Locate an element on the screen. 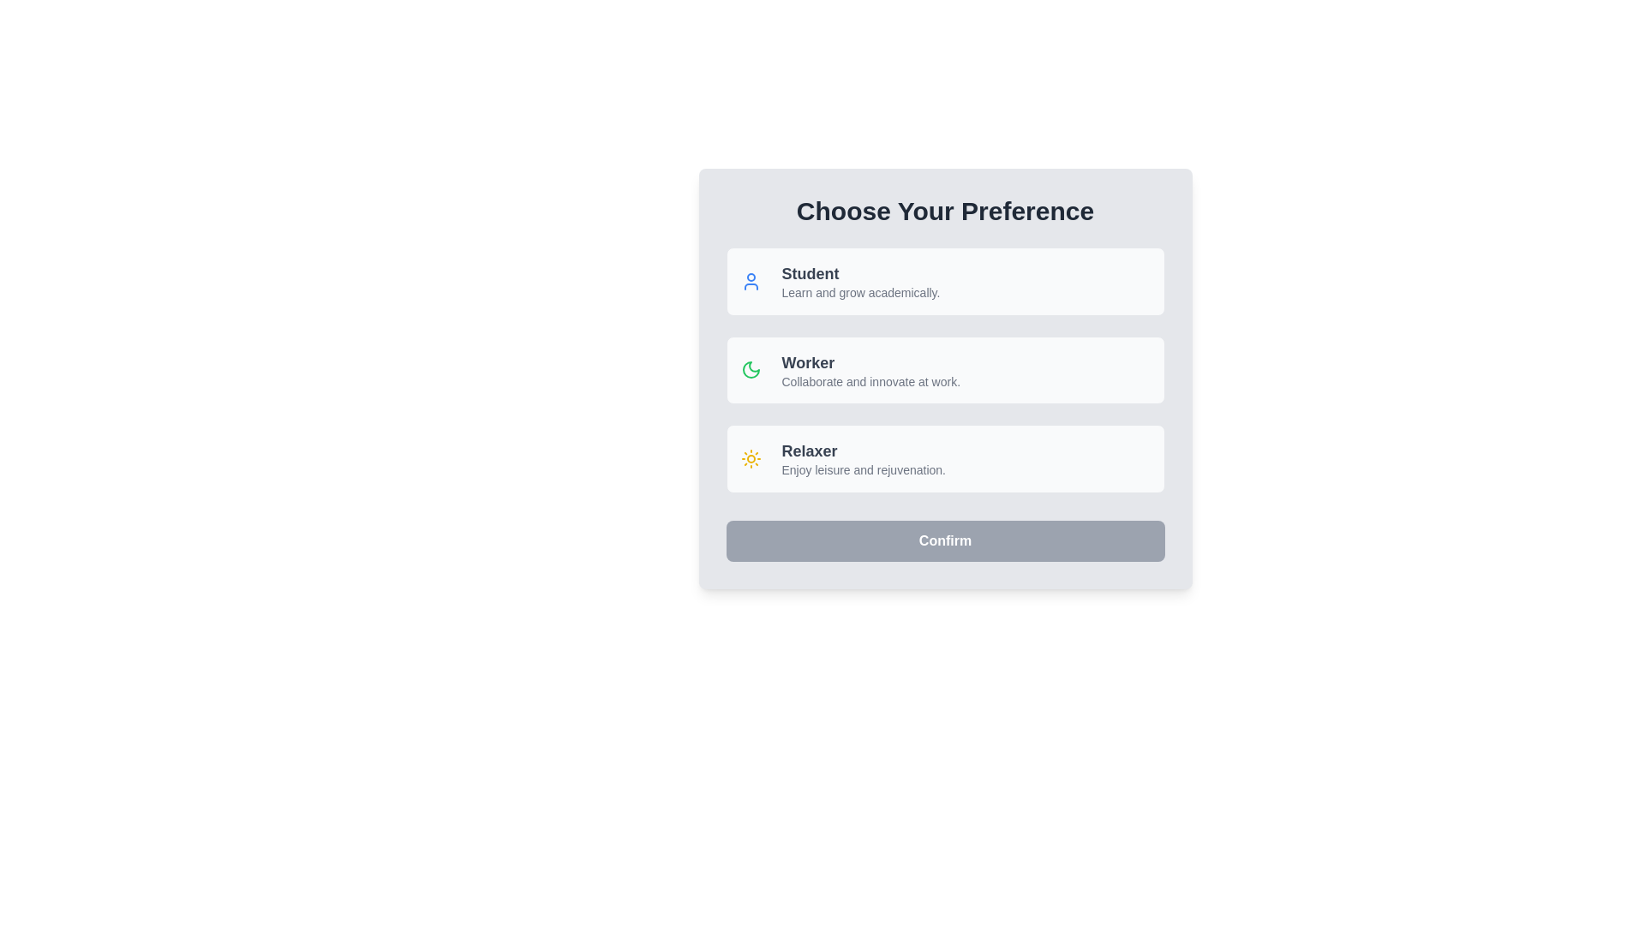  the 'Relaxer' text description element is located at coordinates (864, 457).